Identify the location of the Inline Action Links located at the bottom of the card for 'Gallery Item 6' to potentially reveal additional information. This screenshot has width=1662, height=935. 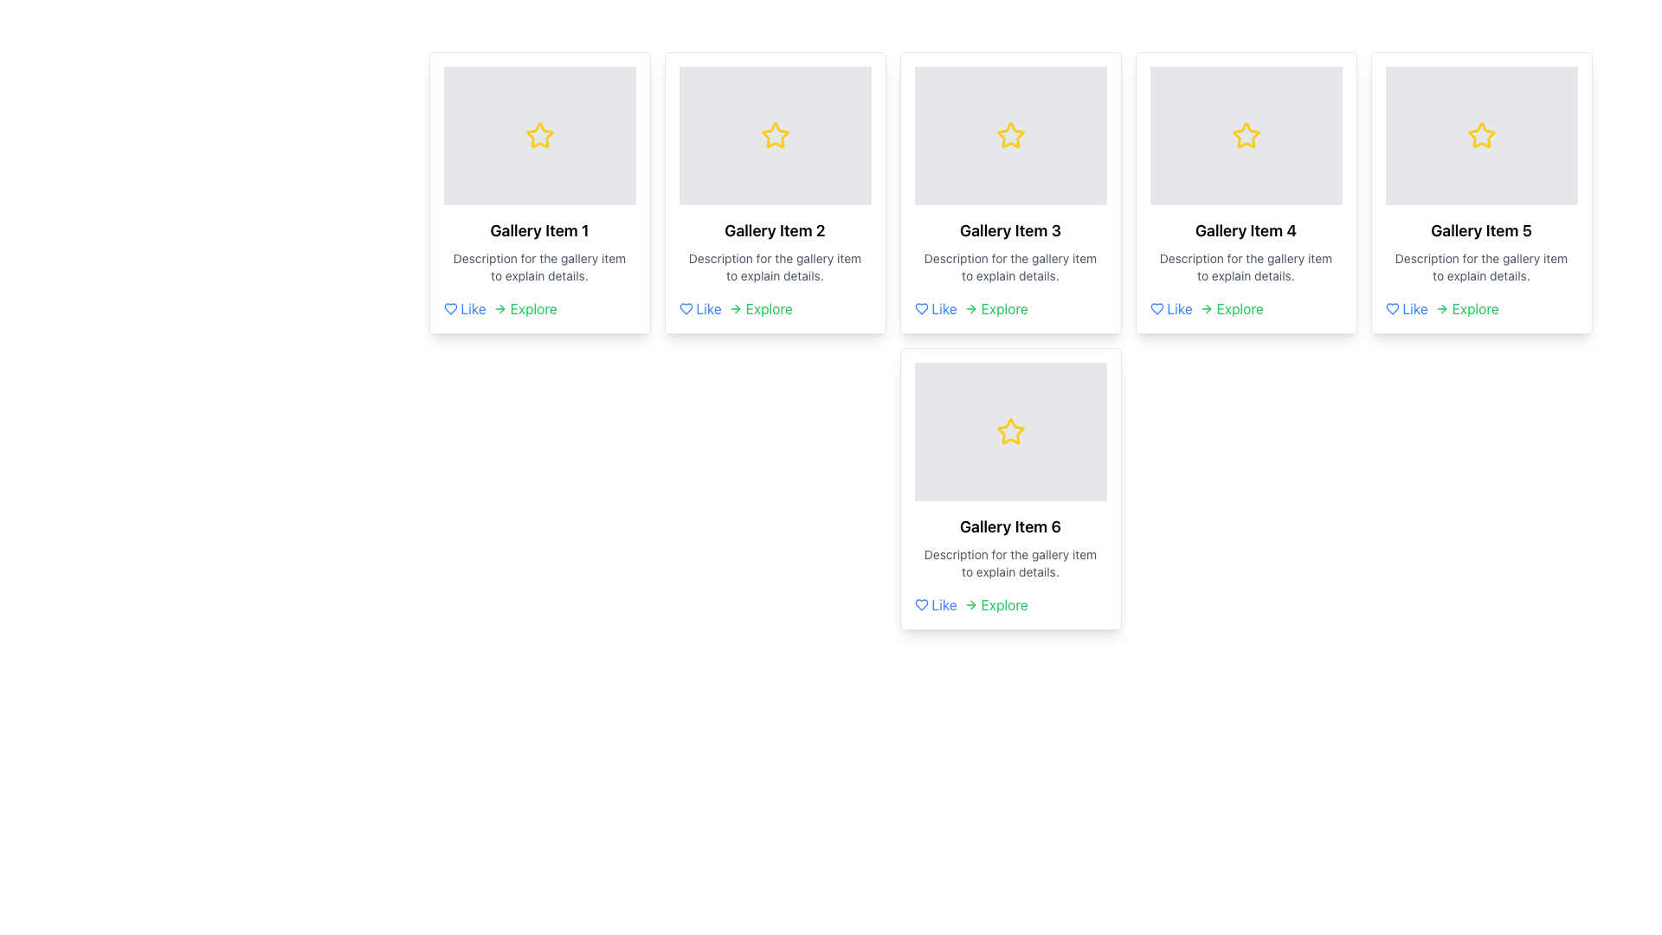
(1010, 603).